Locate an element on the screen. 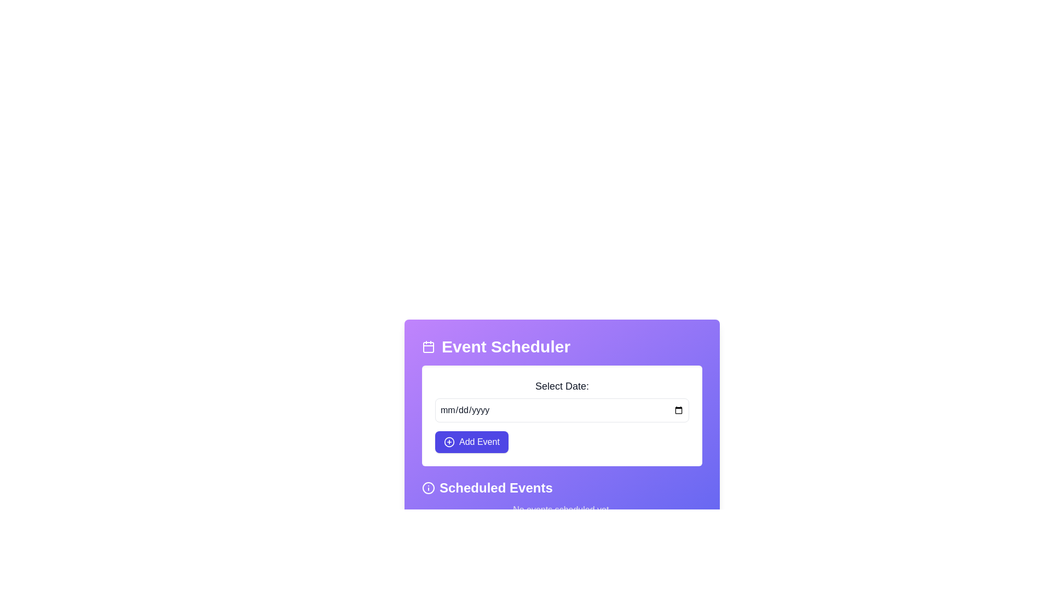 This screenshot has height=591, width=1051. the Static Text Display element that shows 'No events scheduled yet.' in light text color against a purple background, located in the 'Scheduled Events' section is located at coordinates (562, 510).